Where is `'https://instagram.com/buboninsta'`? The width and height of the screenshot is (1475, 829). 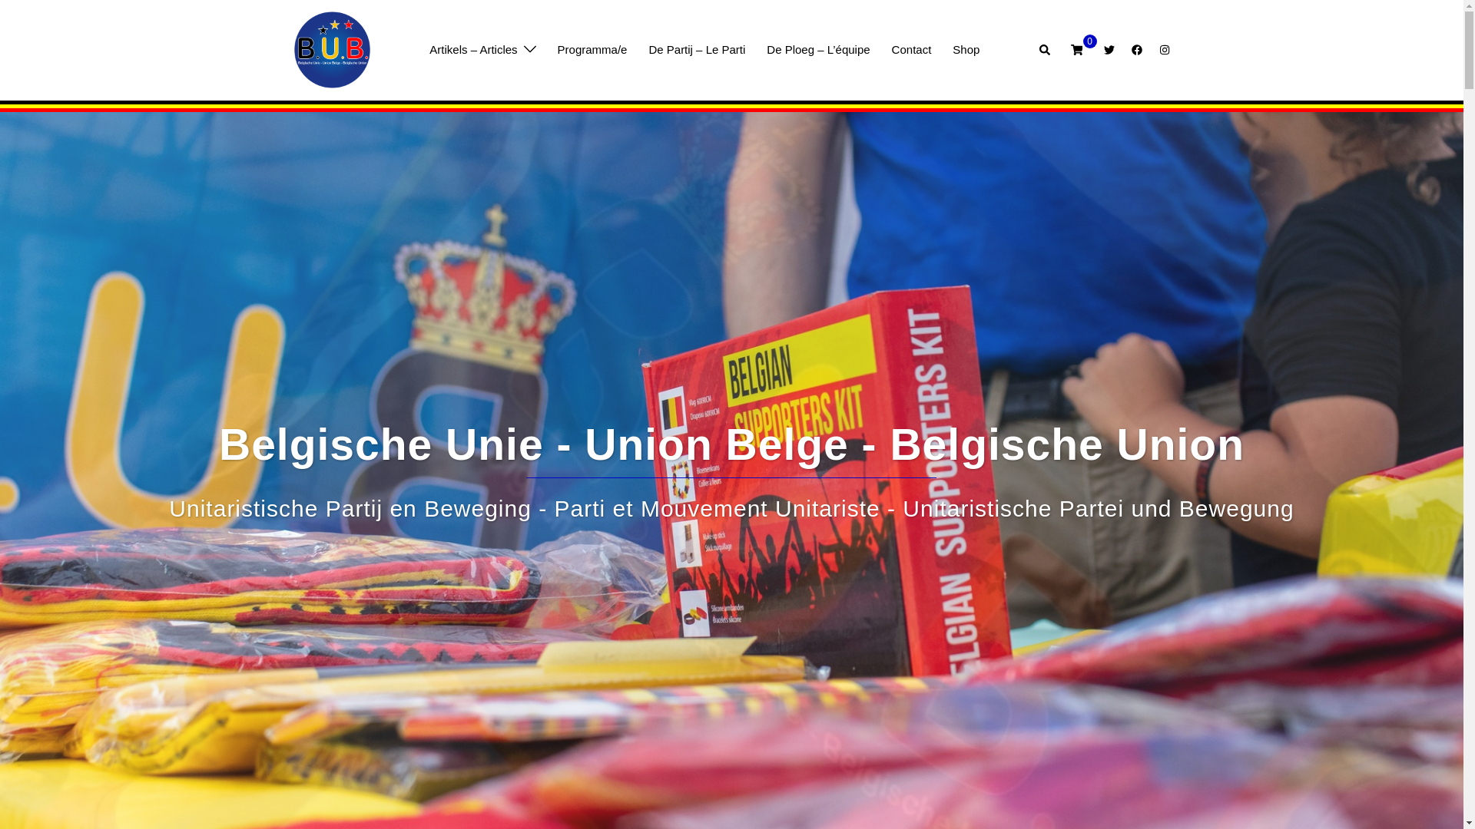
'https://instagram.com/buboninsta' is located at coordinates (1162, 48).